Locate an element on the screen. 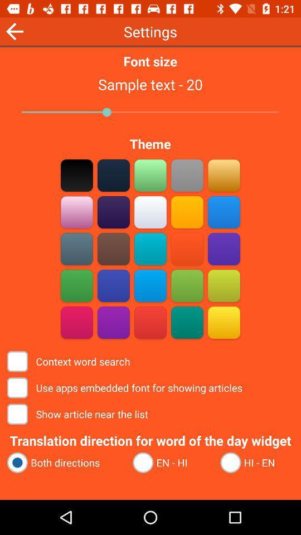 This screenshot has height=535, width=301. a purple theme option is located at coordinates (113, 322).